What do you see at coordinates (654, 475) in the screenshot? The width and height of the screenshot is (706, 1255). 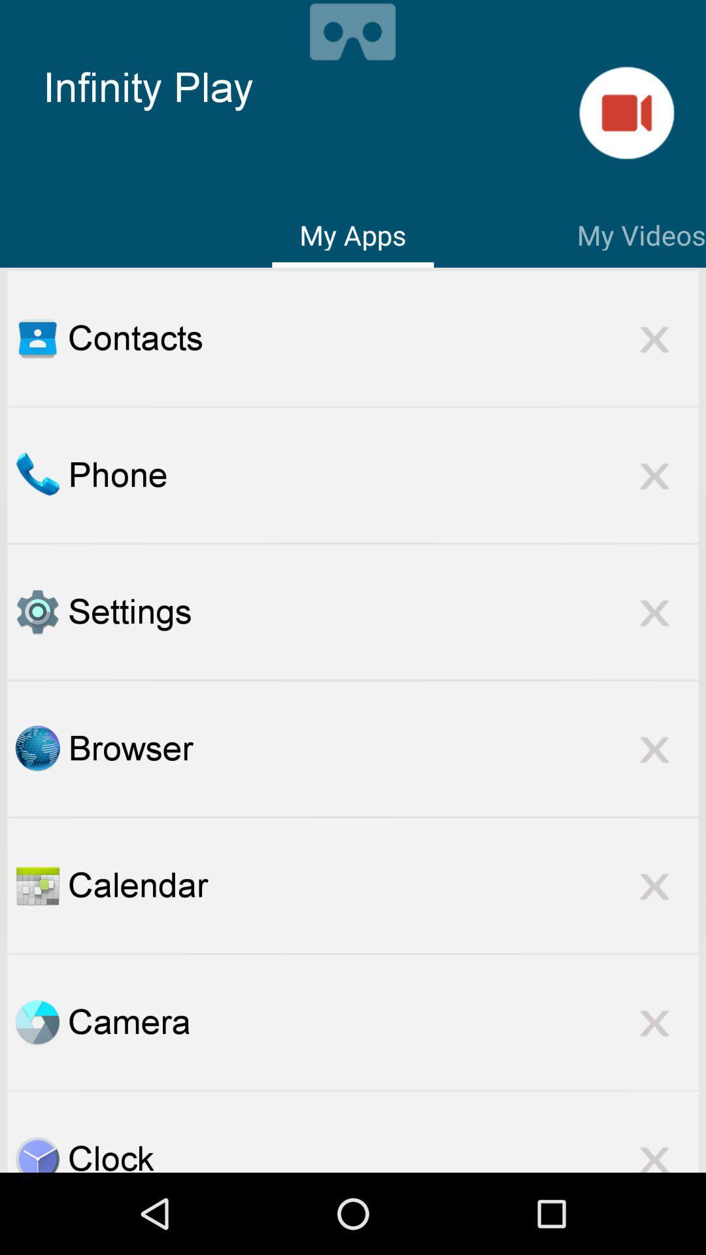 I see `remove item from my apps list` at bounding box center [654, 475].